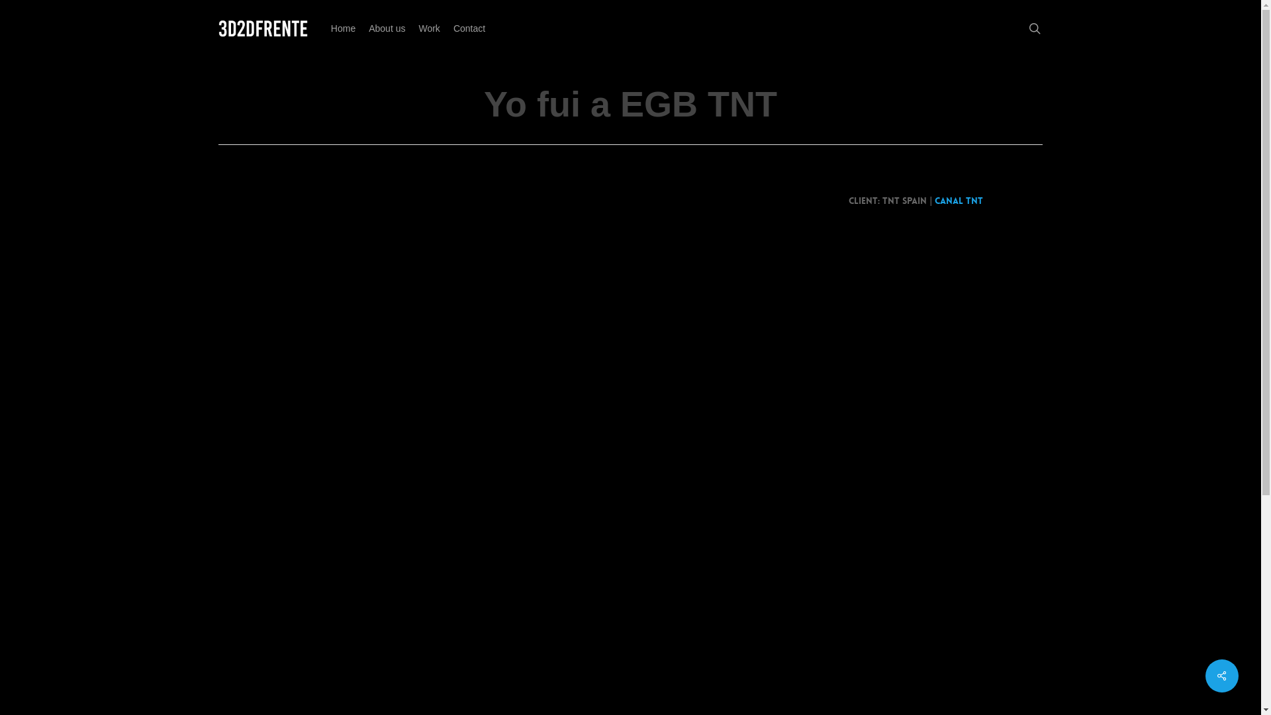  Describe the element at coordinates (386, 28) in the screenshot. I see `'About us'` at that location.